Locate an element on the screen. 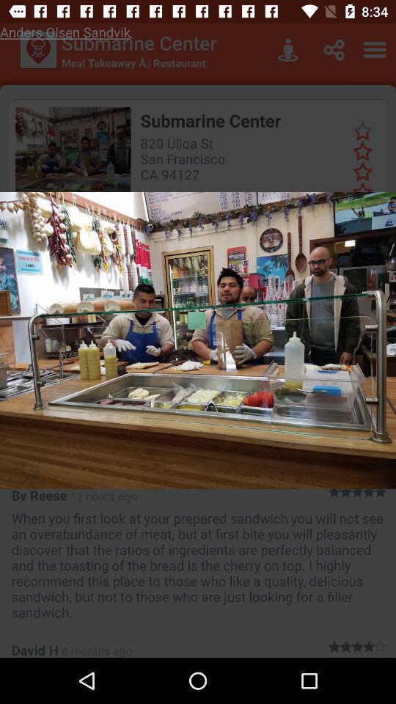 The height and width of the screenshot is (704, 396). anders olsen sandvik is located at coordinates (65, 31).